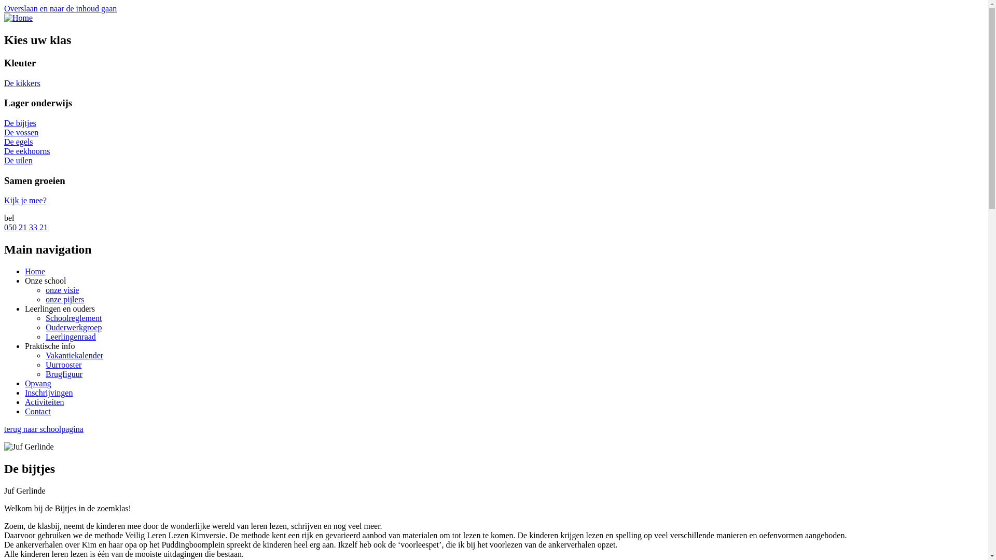  What do you see at coordinates (70, 337) in the screenshot?
I see `'Leerlingenraad'` at bounding box center [70, 337].